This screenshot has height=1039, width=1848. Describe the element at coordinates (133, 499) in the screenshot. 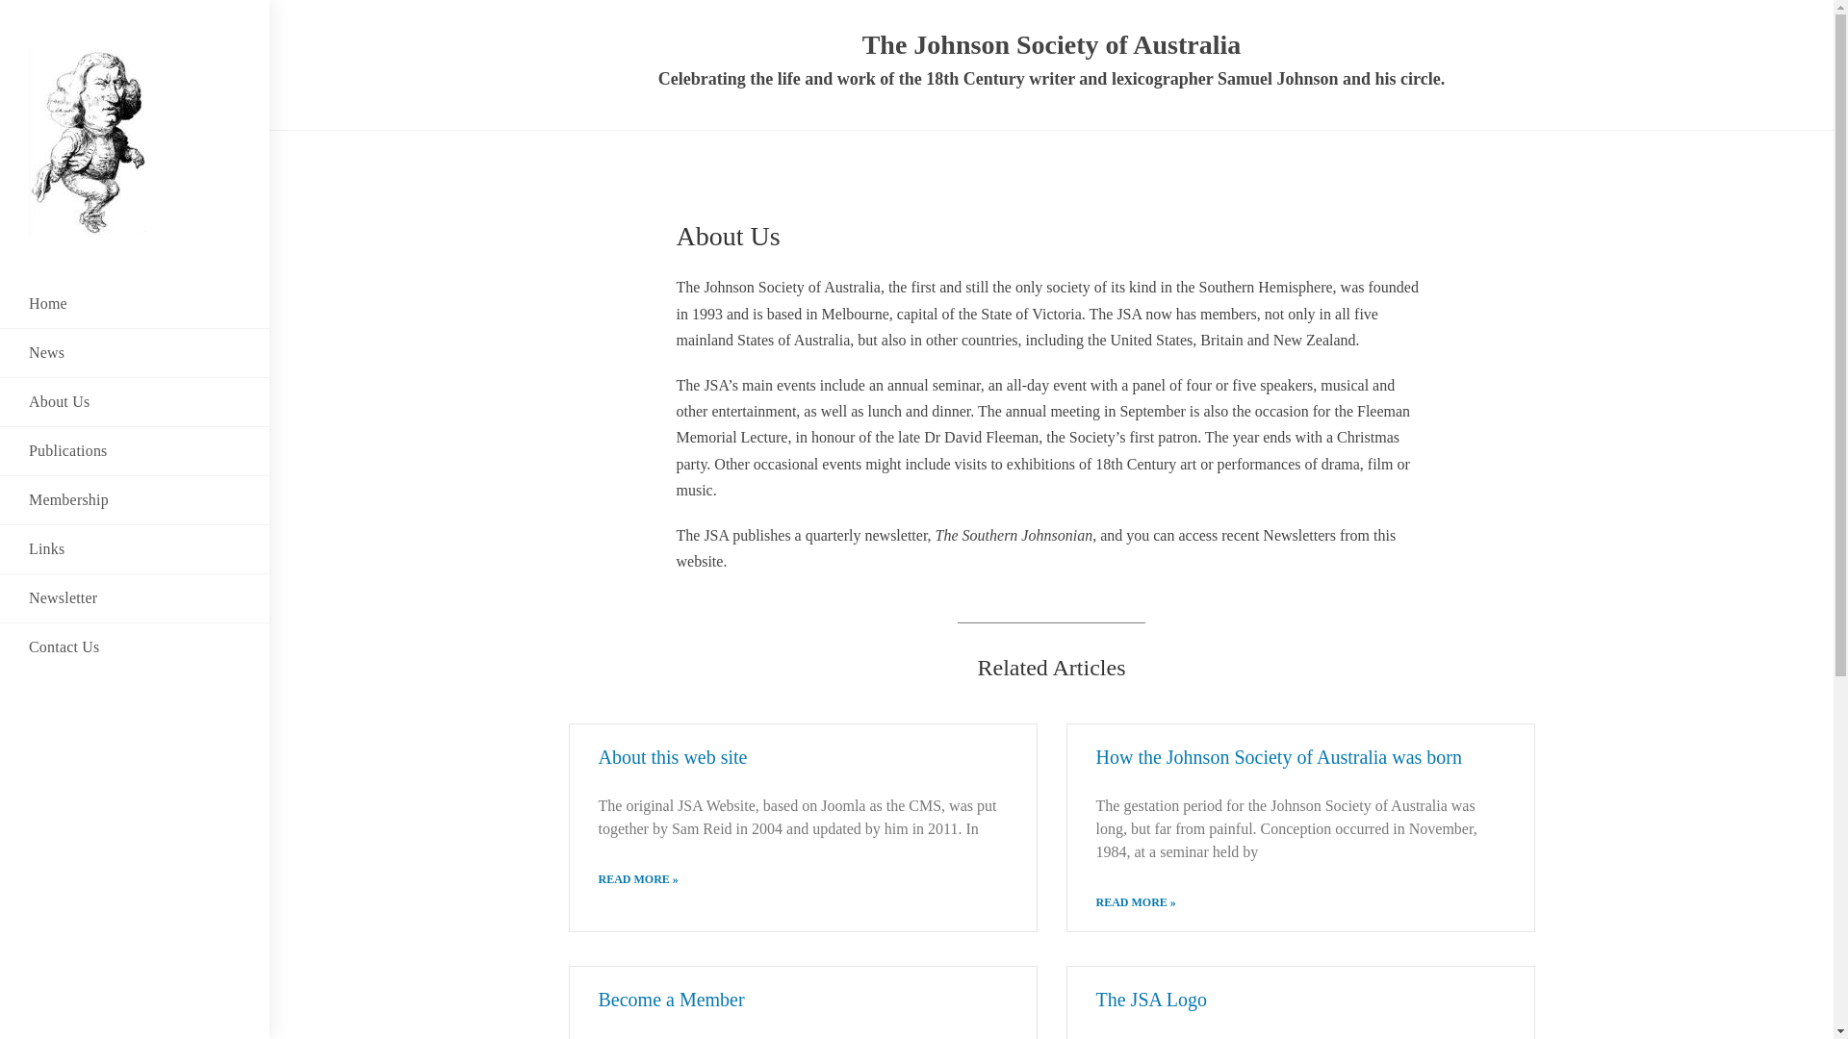

I see `'Membership'` at that location.